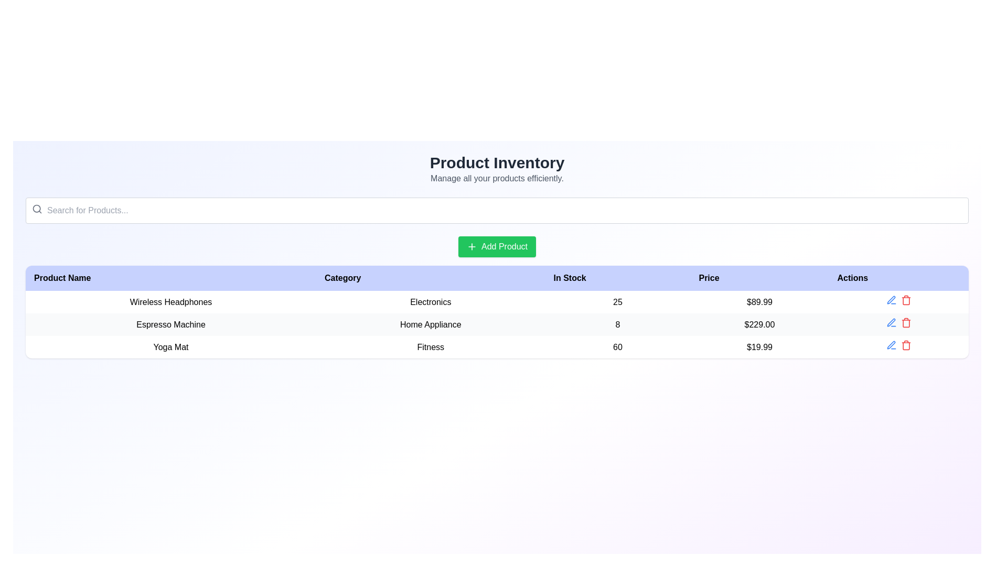 The width and height of the screenshot is (1007, 566). What do you see at coordinates (617, 347) in the screenshot?
I see `the Static Text displaying '60' in the 'In Stock' column of the 'Product Inventory' table, which is located in the third row adjacent to 'Yoga Mat'` at bounding box center [617, 347].